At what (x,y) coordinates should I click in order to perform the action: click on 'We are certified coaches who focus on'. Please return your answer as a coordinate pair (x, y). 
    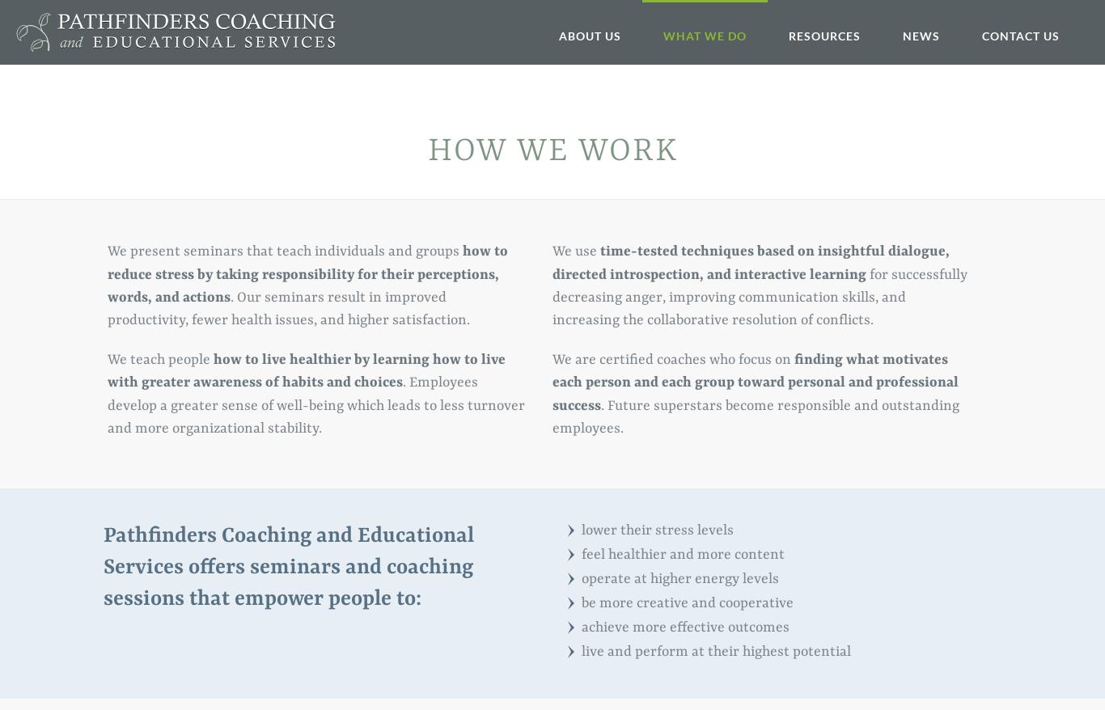
    Looking at the image, I should click on (672, 358).